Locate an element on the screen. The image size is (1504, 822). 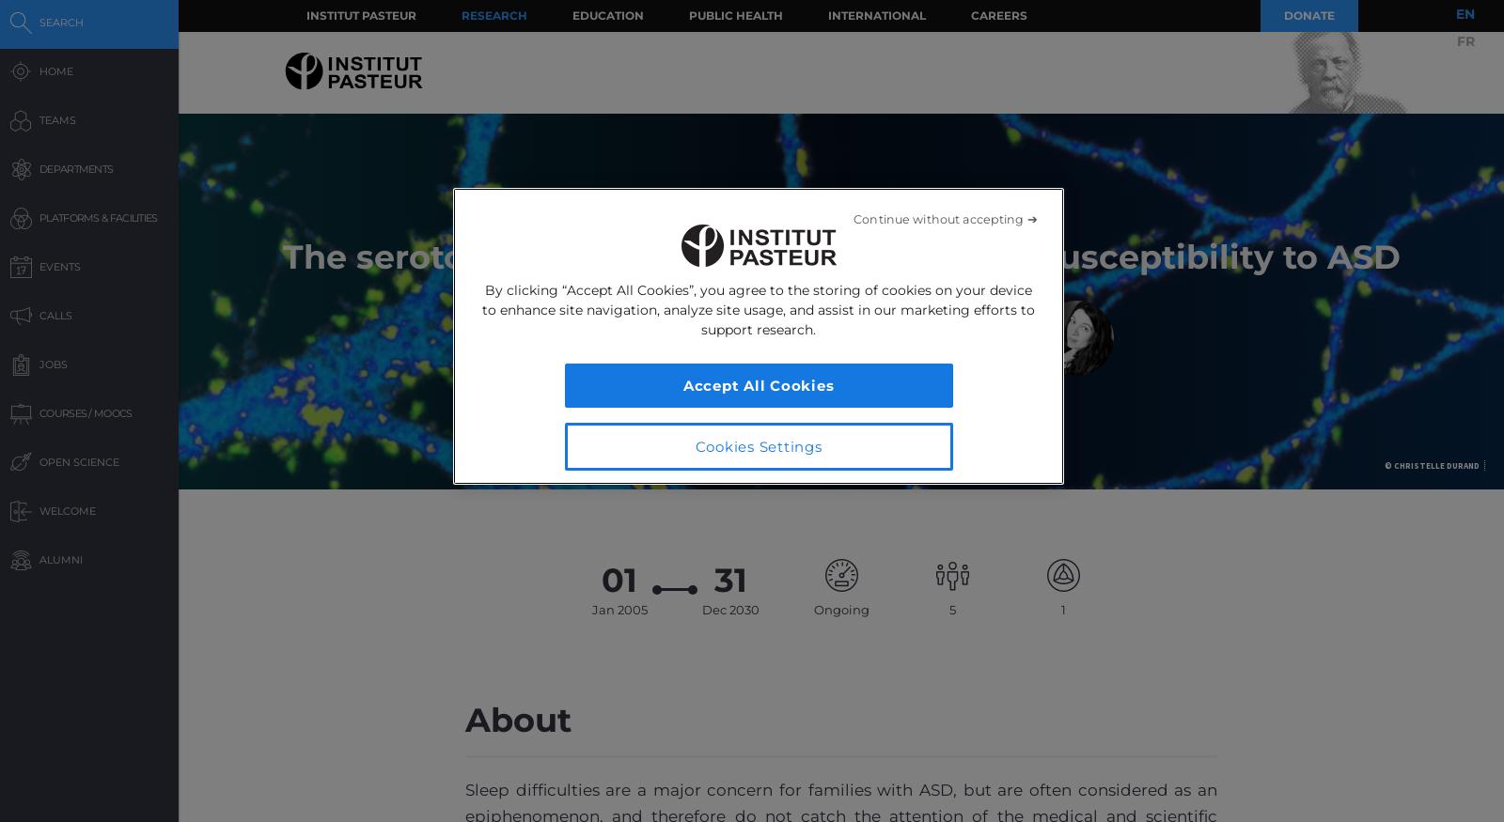
'EN' is located at coordinates (1465, 12).